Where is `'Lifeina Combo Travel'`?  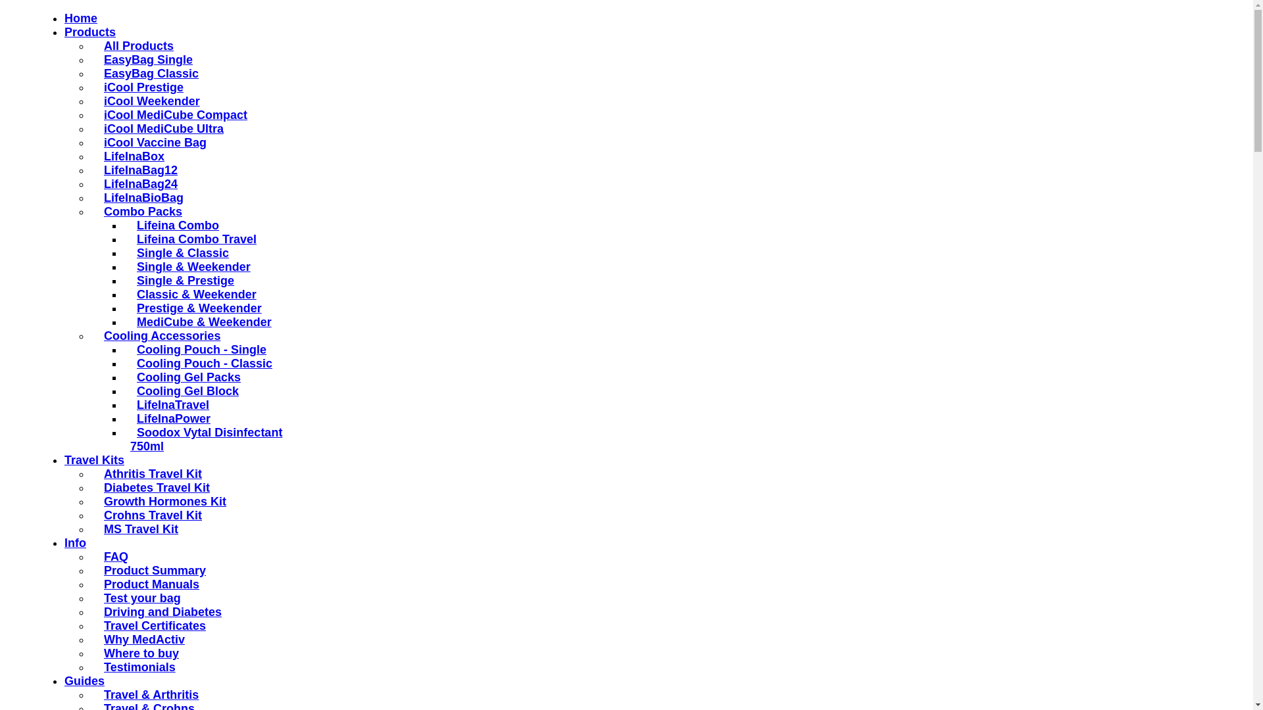 'Lifeina Combo Travel' is located at coordinates (192, 239).